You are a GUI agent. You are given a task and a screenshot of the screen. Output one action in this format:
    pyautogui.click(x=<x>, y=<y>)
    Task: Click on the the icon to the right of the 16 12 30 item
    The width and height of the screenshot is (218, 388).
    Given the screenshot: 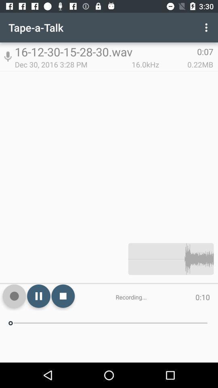 What is the action you would take?
    pyautogui.click(x=207, y=27)
    